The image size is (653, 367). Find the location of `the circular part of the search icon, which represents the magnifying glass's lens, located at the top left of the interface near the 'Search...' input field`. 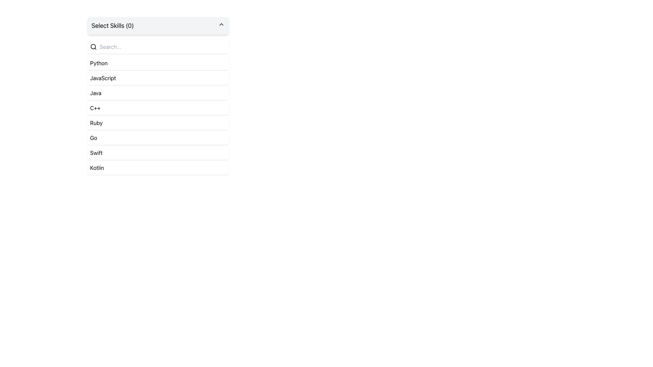

the circular part of the search icon, which represents the magnifying glass's lens, located at the top left of the interface near the 'Search...' input field is located at coordinates (93, 46).